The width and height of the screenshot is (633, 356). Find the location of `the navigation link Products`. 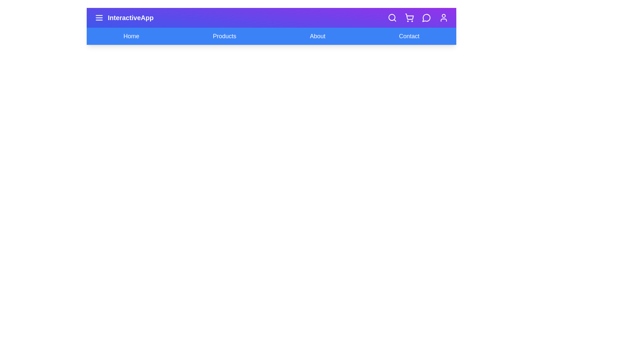

the navigation link Products is located at coordinates (225, 36).